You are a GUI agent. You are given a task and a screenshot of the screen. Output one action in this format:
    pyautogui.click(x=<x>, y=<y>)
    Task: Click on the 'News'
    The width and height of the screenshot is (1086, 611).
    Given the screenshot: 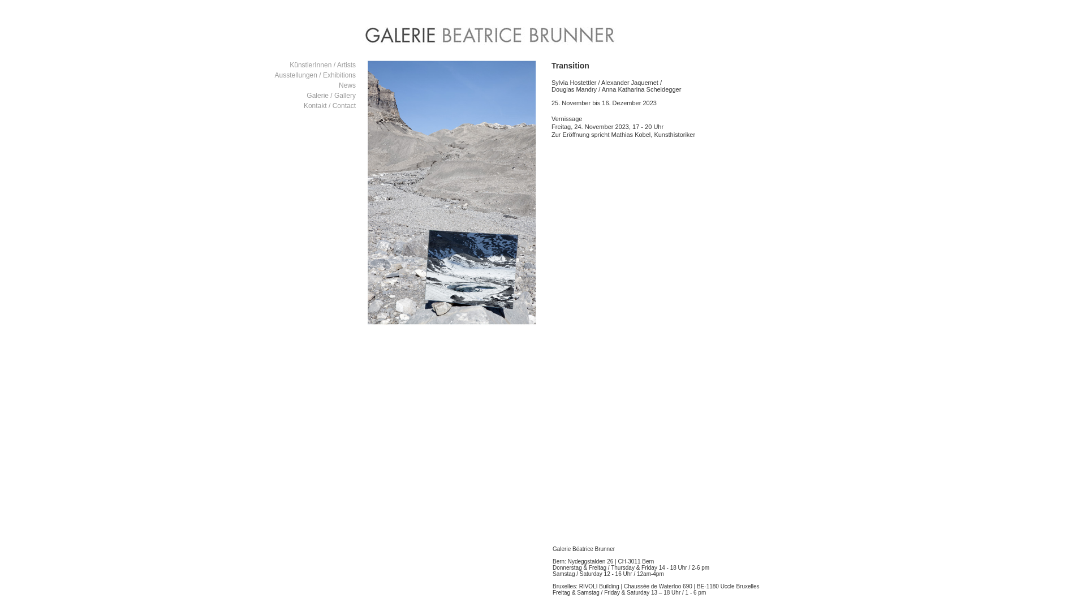 What is the action you would take?
    pyautogui.click(x=347, y=84)
    